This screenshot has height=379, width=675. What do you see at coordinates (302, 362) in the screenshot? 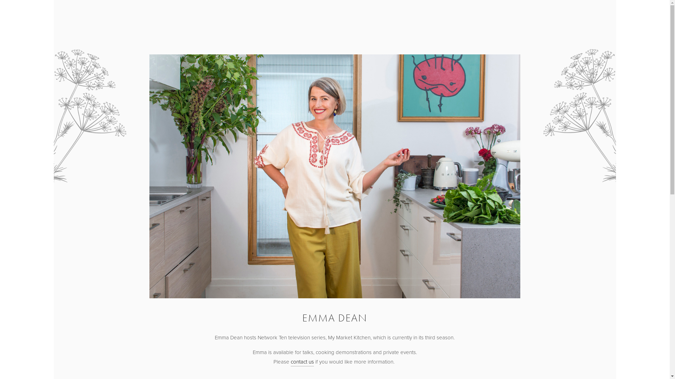
I see `'contact us'` at bounding box center [302, 362].